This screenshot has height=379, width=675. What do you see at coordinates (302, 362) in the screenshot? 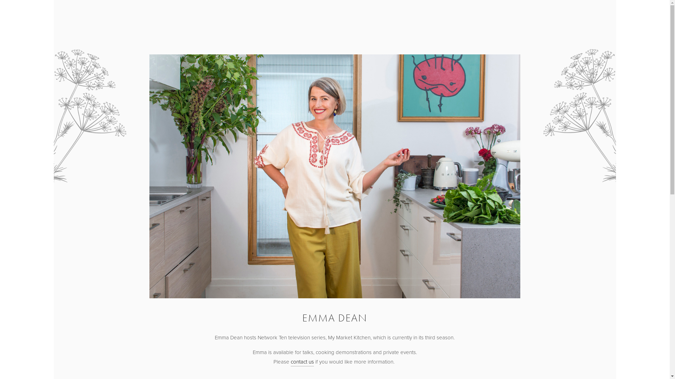
I see `'contact us'` at bounding box center [302, 362].